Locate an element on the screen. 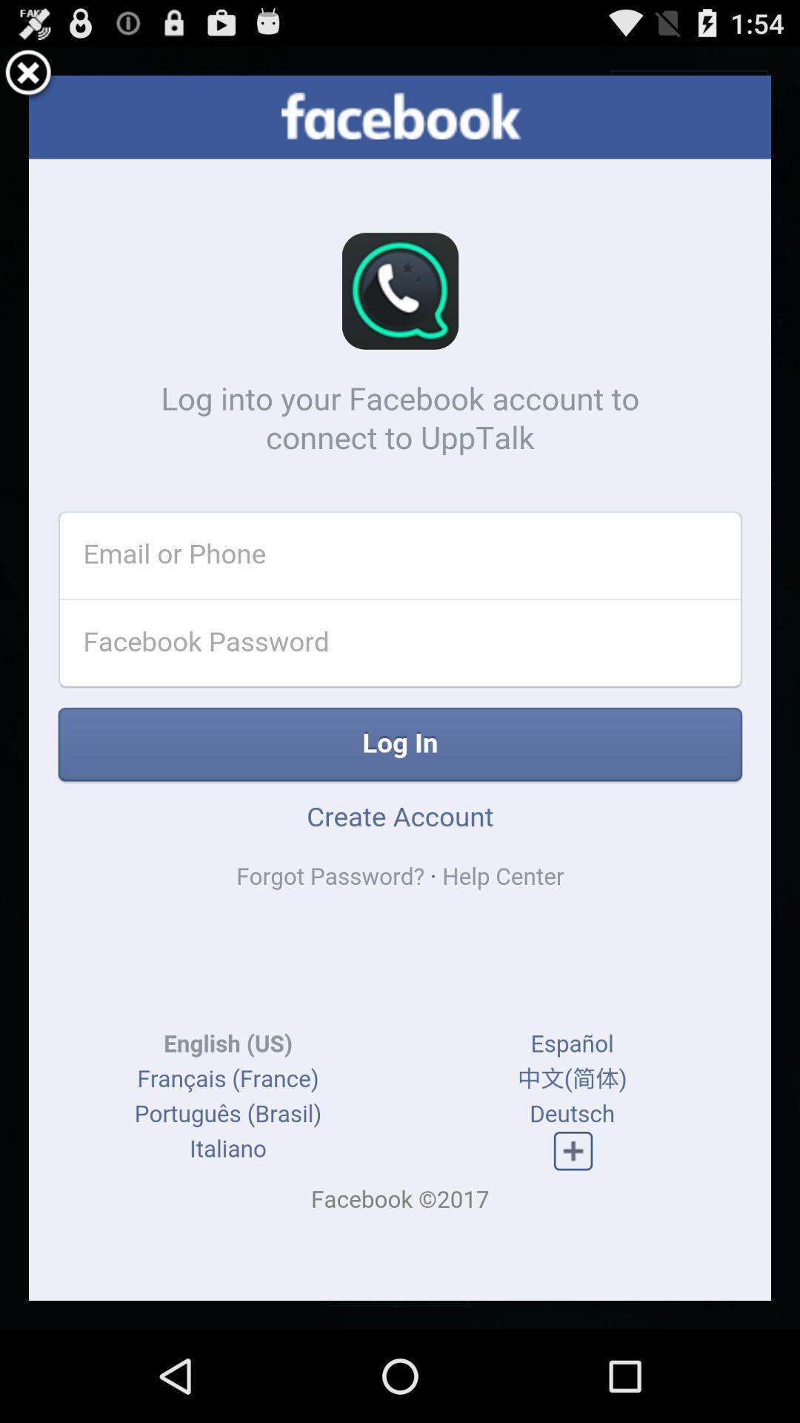 This screenshot has height=1423, width=800. facebook login page is located at coordinates (400, 687).